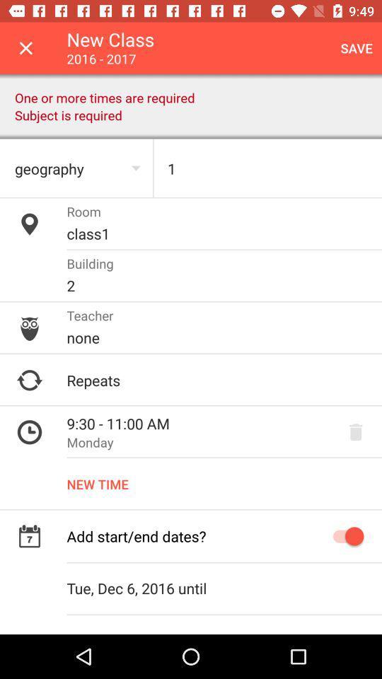 Image resolution: width=382 pixels, height=679 pixels. What do you see at coordinates (355, 431) in the screenshot?
I see `delete` at bounding box center [355, 431].